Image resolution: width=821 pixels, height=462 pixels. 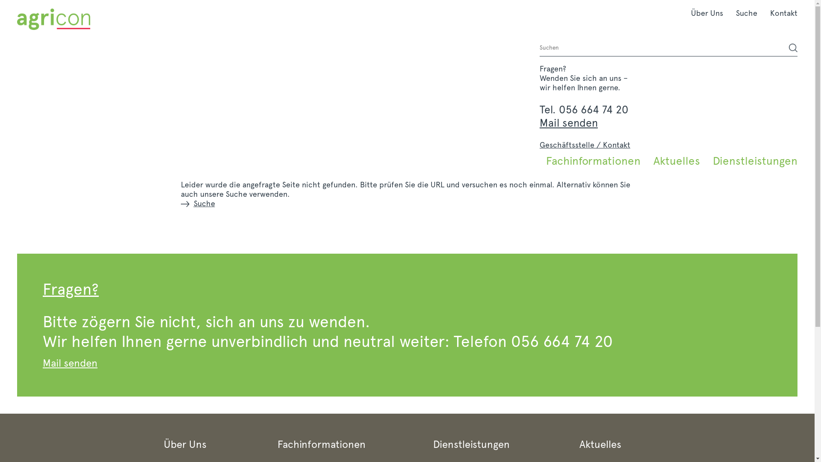 What do you see at coordinates (751, 160) in the screenshot?
I see `'Dienstleistungen'` at bounding box center [751, 160].